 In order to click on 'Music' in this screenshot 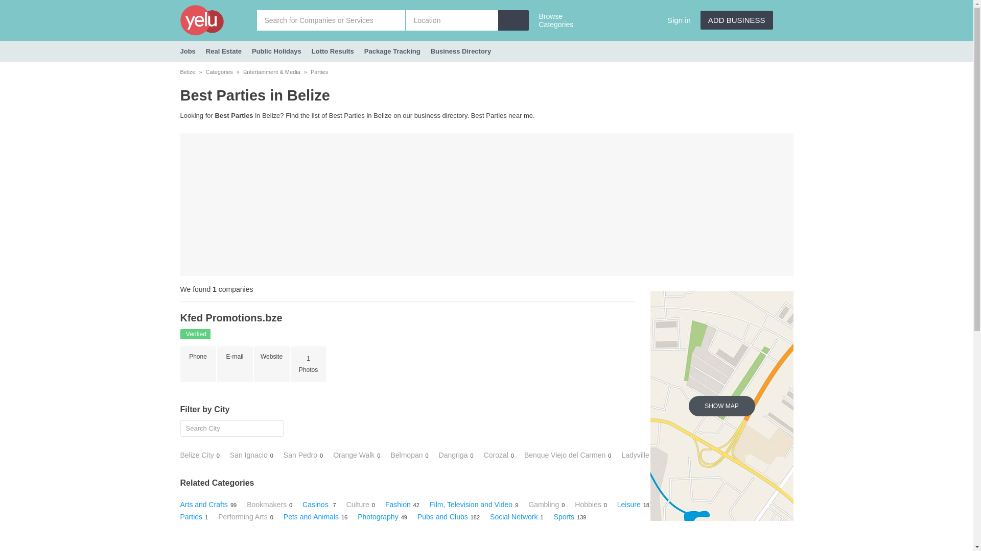, I will do `click(758, 504)`.